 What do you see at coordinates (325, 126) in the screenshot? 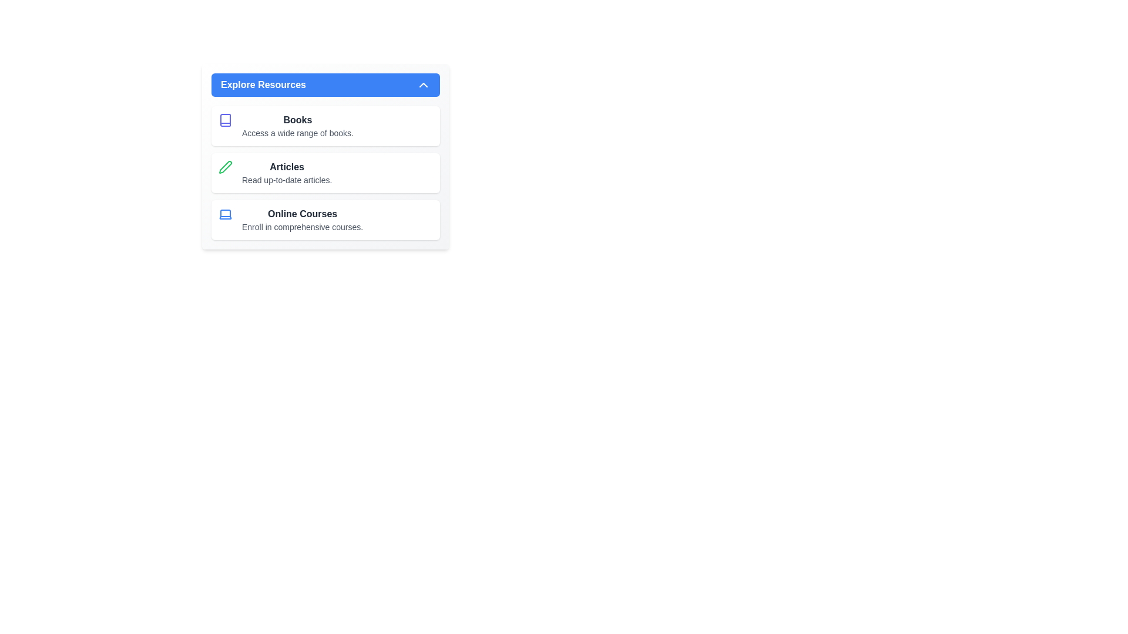
I see `the clickable card that provides access to resources related to books, located under the 'Explore Resources' header as the first card in the list` at bounding box center [325, 126].